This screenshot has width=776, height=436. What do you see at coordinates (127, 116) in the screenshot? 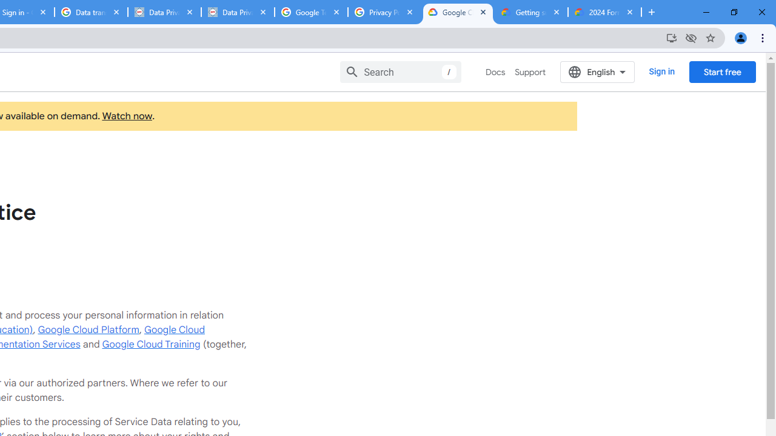
I see `'Watch now'` at bounding box center [127, 116].